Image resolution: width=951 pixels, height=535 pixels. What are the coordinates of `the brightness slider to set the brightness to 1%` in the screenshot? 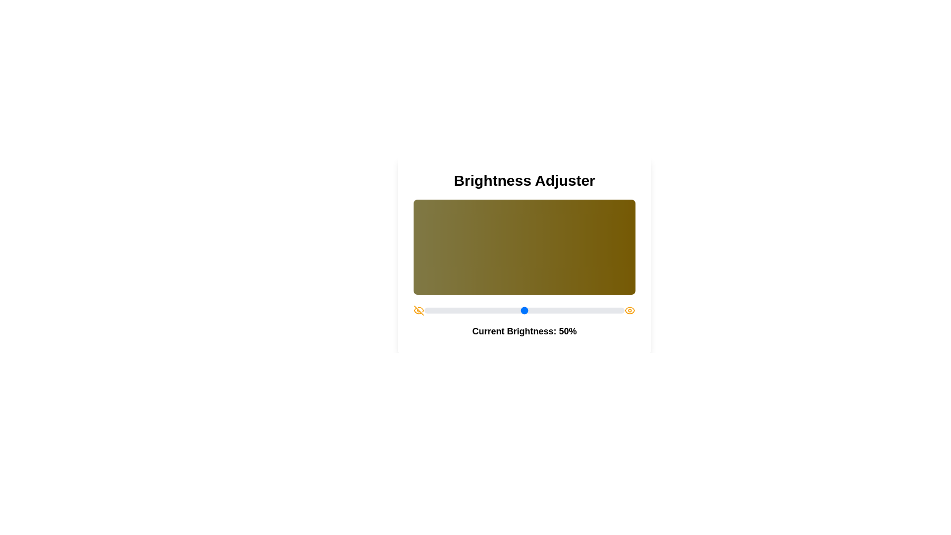 It's located at (426, 310).